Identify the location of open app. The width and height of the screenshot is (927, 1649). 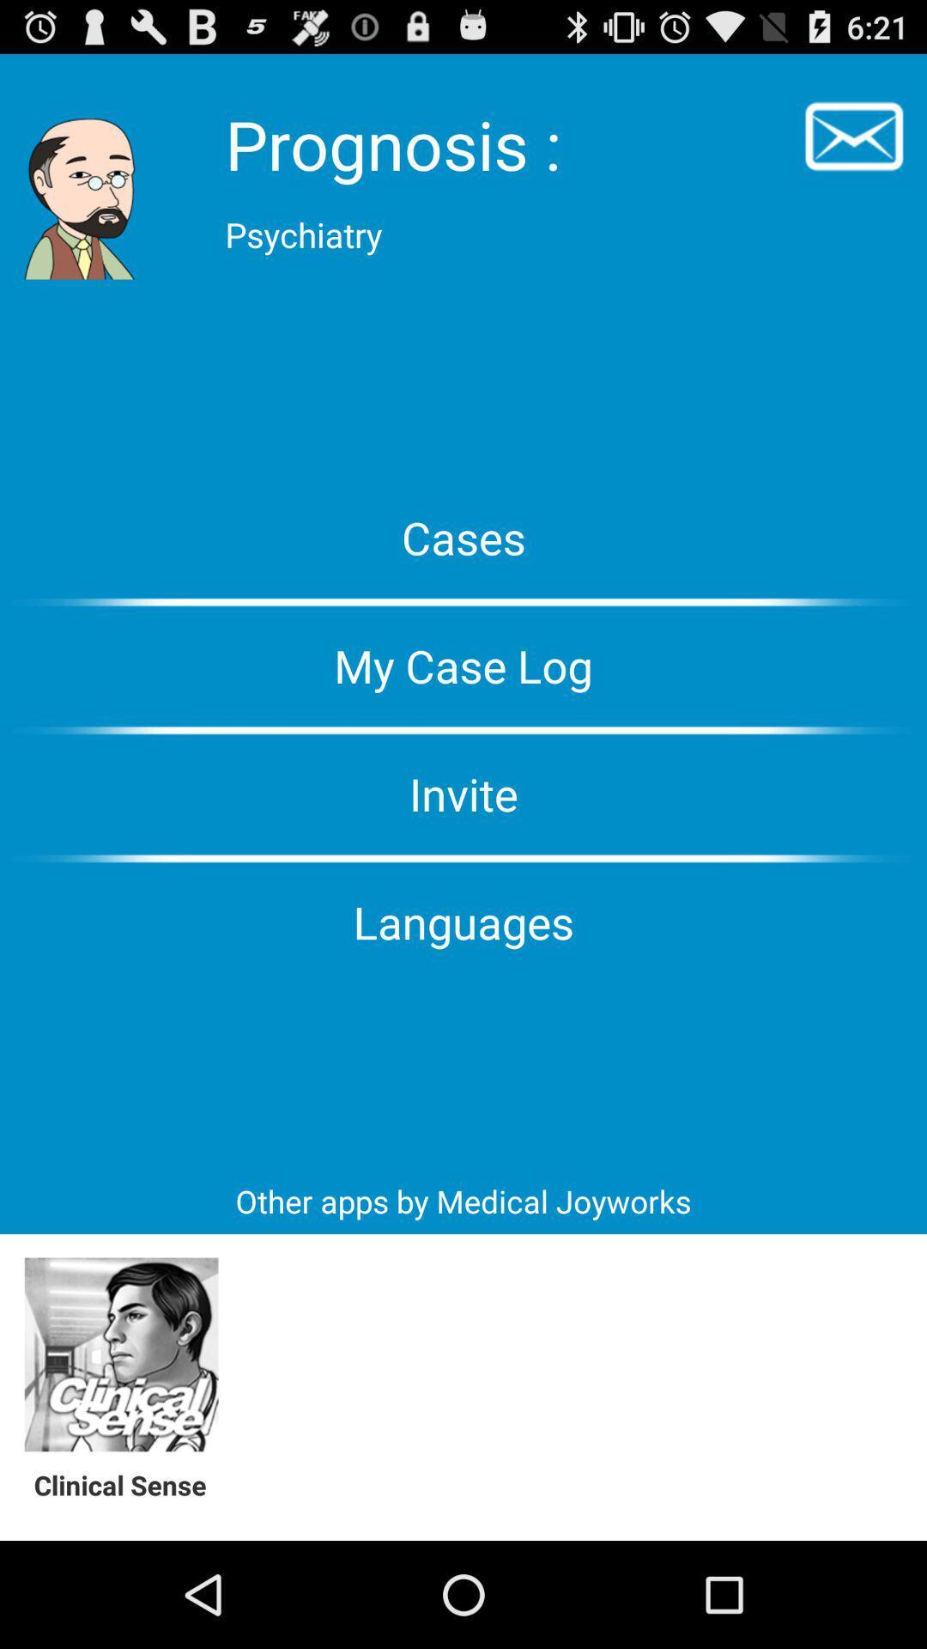
(120, 1354).